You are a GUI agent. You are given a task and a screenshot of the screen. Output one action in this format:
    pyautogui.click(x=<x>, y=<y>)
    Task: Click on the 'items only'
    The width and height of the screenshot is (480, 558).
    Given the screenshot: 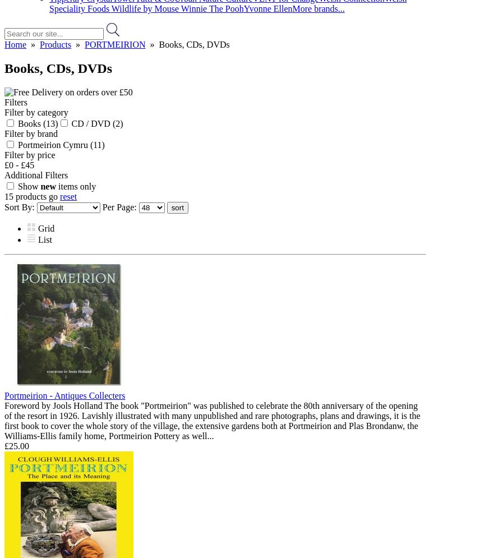 What is the action you would take?
    pyautogui.click(x=75, y=186)
    